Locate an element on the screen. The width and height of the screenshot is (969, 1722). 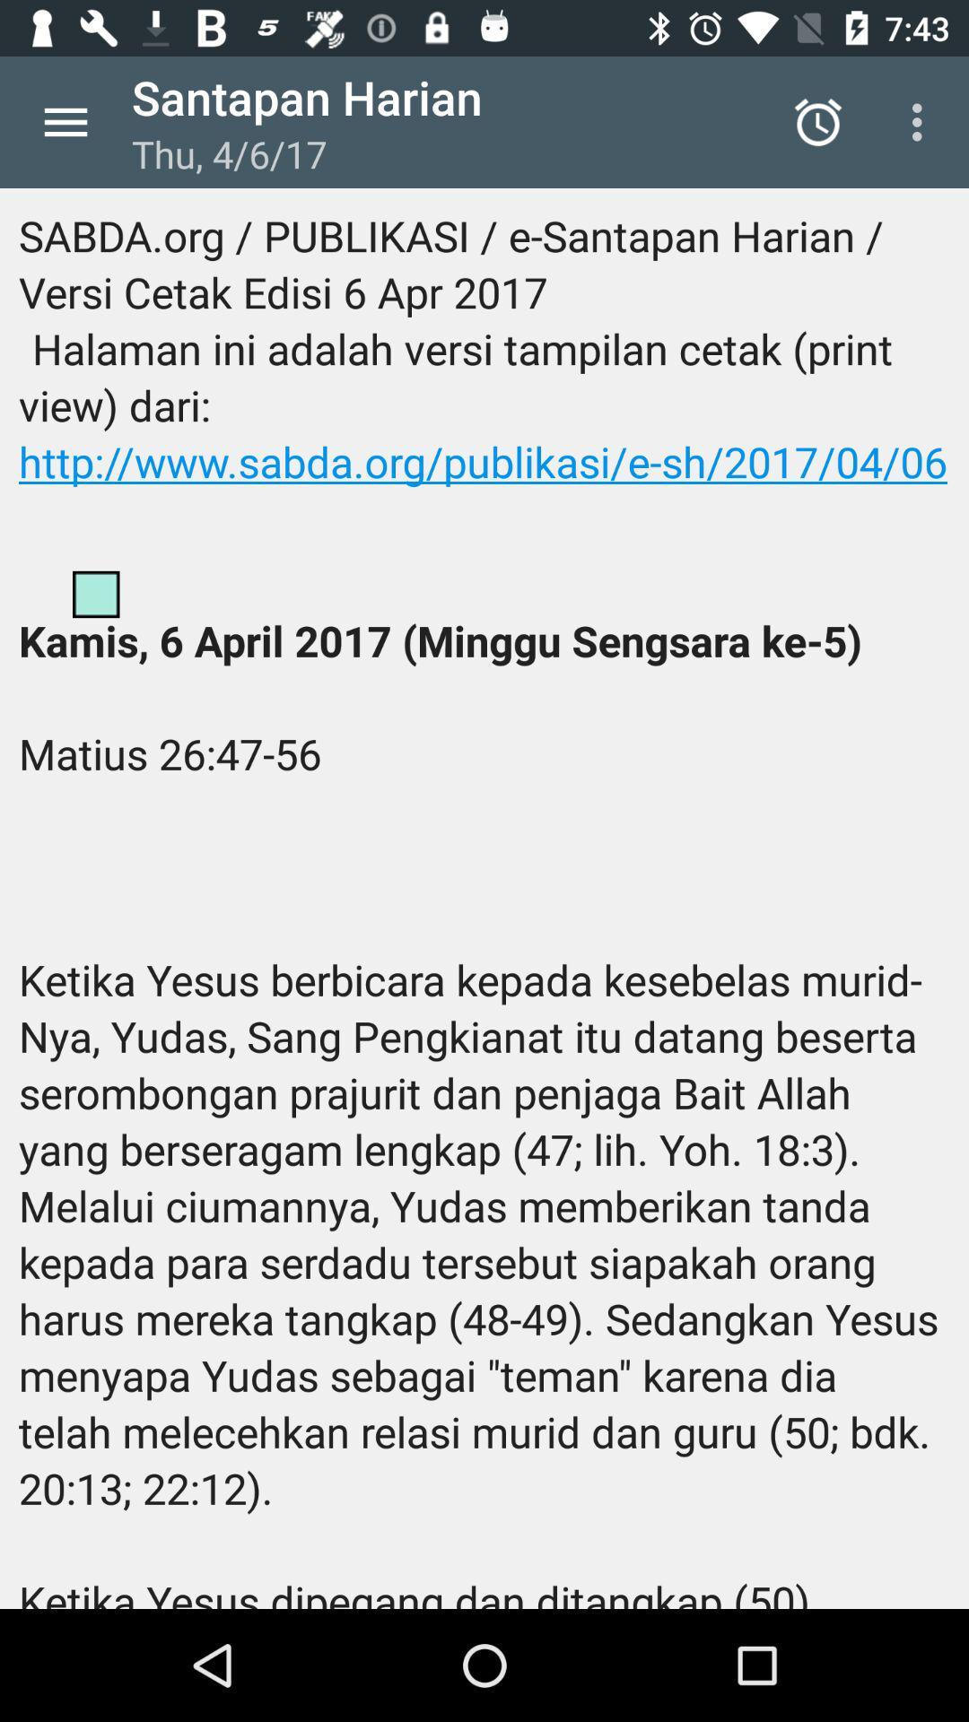
icon above sabda org publikasi item is located at coordinates (921, 121).